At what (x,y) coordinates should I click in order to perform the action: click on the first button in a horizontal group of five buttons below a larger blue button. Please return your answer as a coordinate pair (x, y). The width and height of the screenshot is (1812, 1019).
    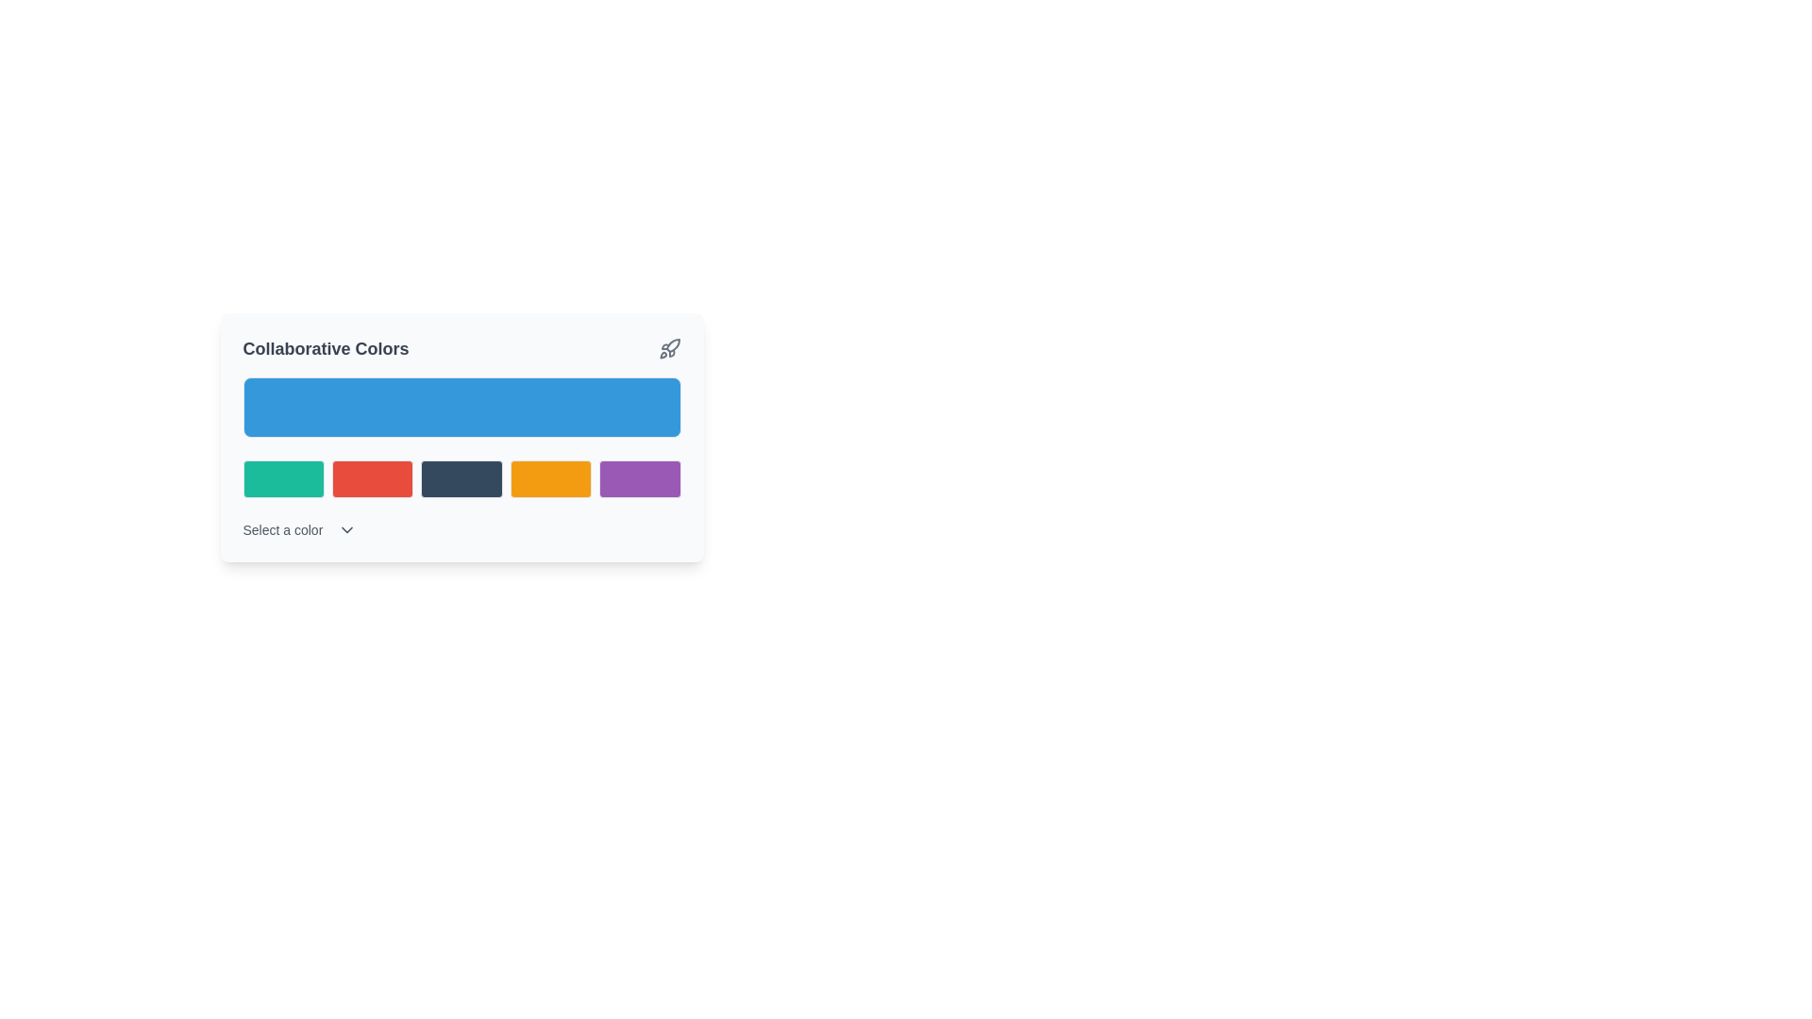
    Looking at the image, I should click on (282, 478).